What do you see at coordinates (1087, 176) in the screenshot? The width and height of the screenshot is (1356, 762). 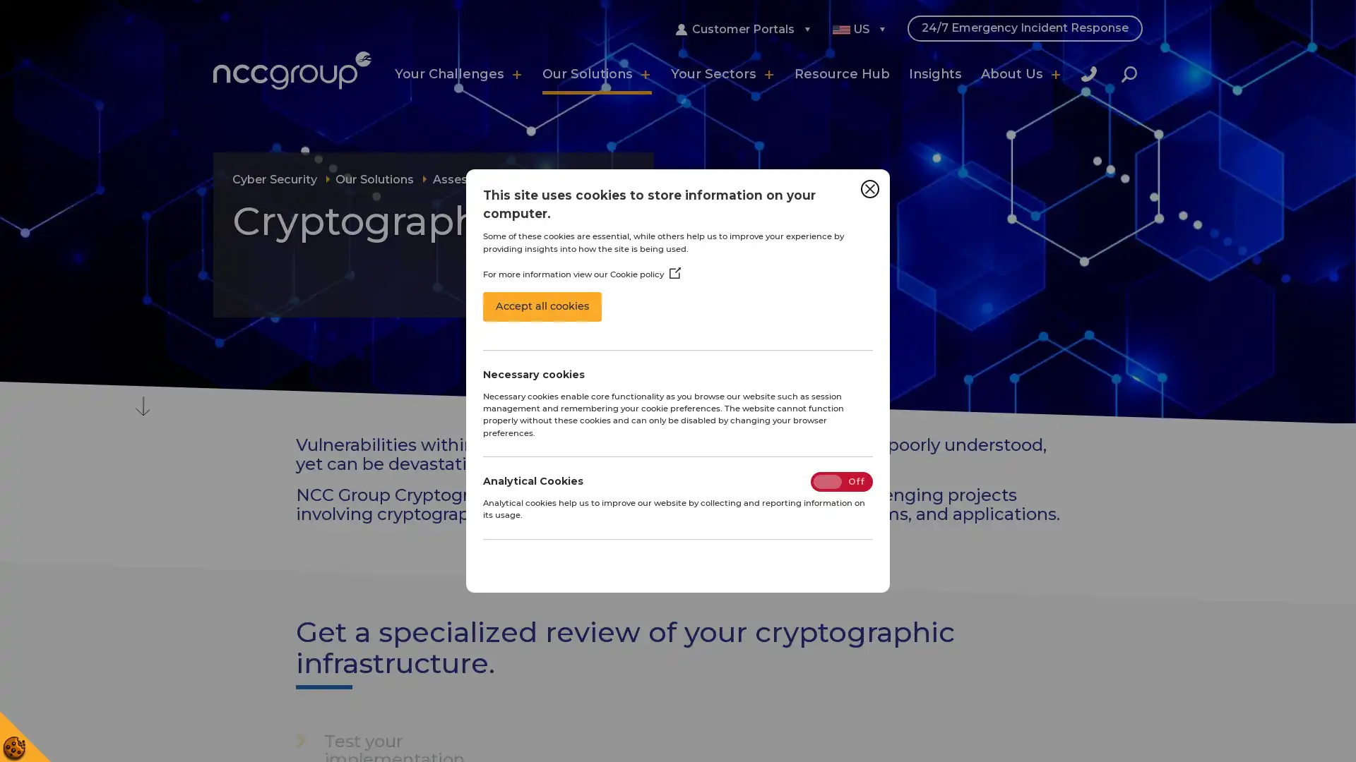 I see `Search` at bounding box center [1087, 176].